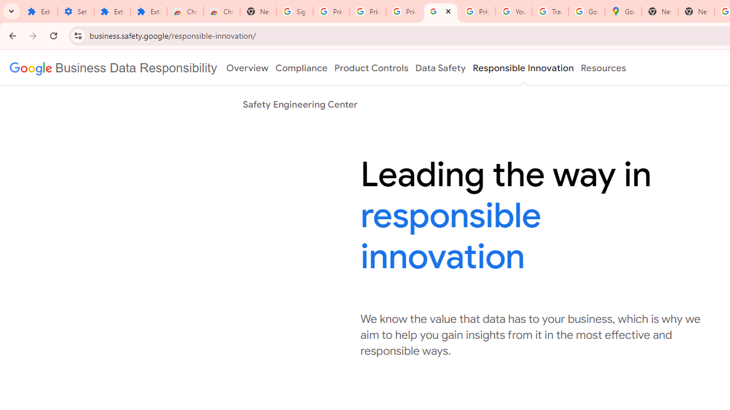  What do you see at coordinates (301, 68) in the screenshot?
I see `'Compliance'` at bounding box center [301, 68].